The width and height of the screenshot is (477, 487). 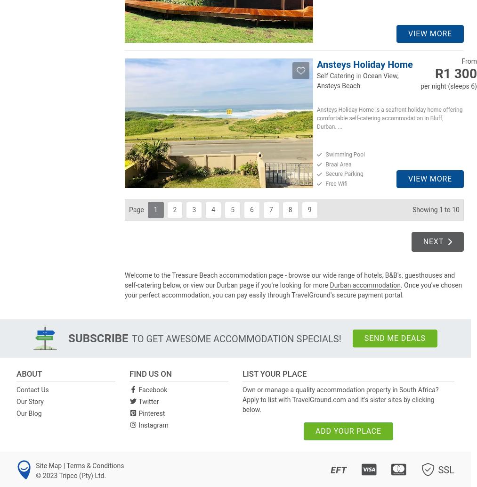 What do you see at coordinates (152, 389) in the screenshot?
I see `'Facebook'` at bounding box center [152, 389].